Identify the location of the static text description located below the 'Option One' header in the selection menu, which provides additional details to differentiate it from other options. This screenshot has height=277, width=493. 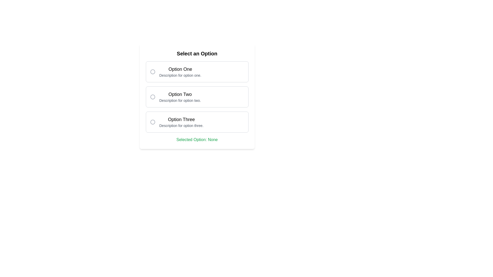
(180, 75).